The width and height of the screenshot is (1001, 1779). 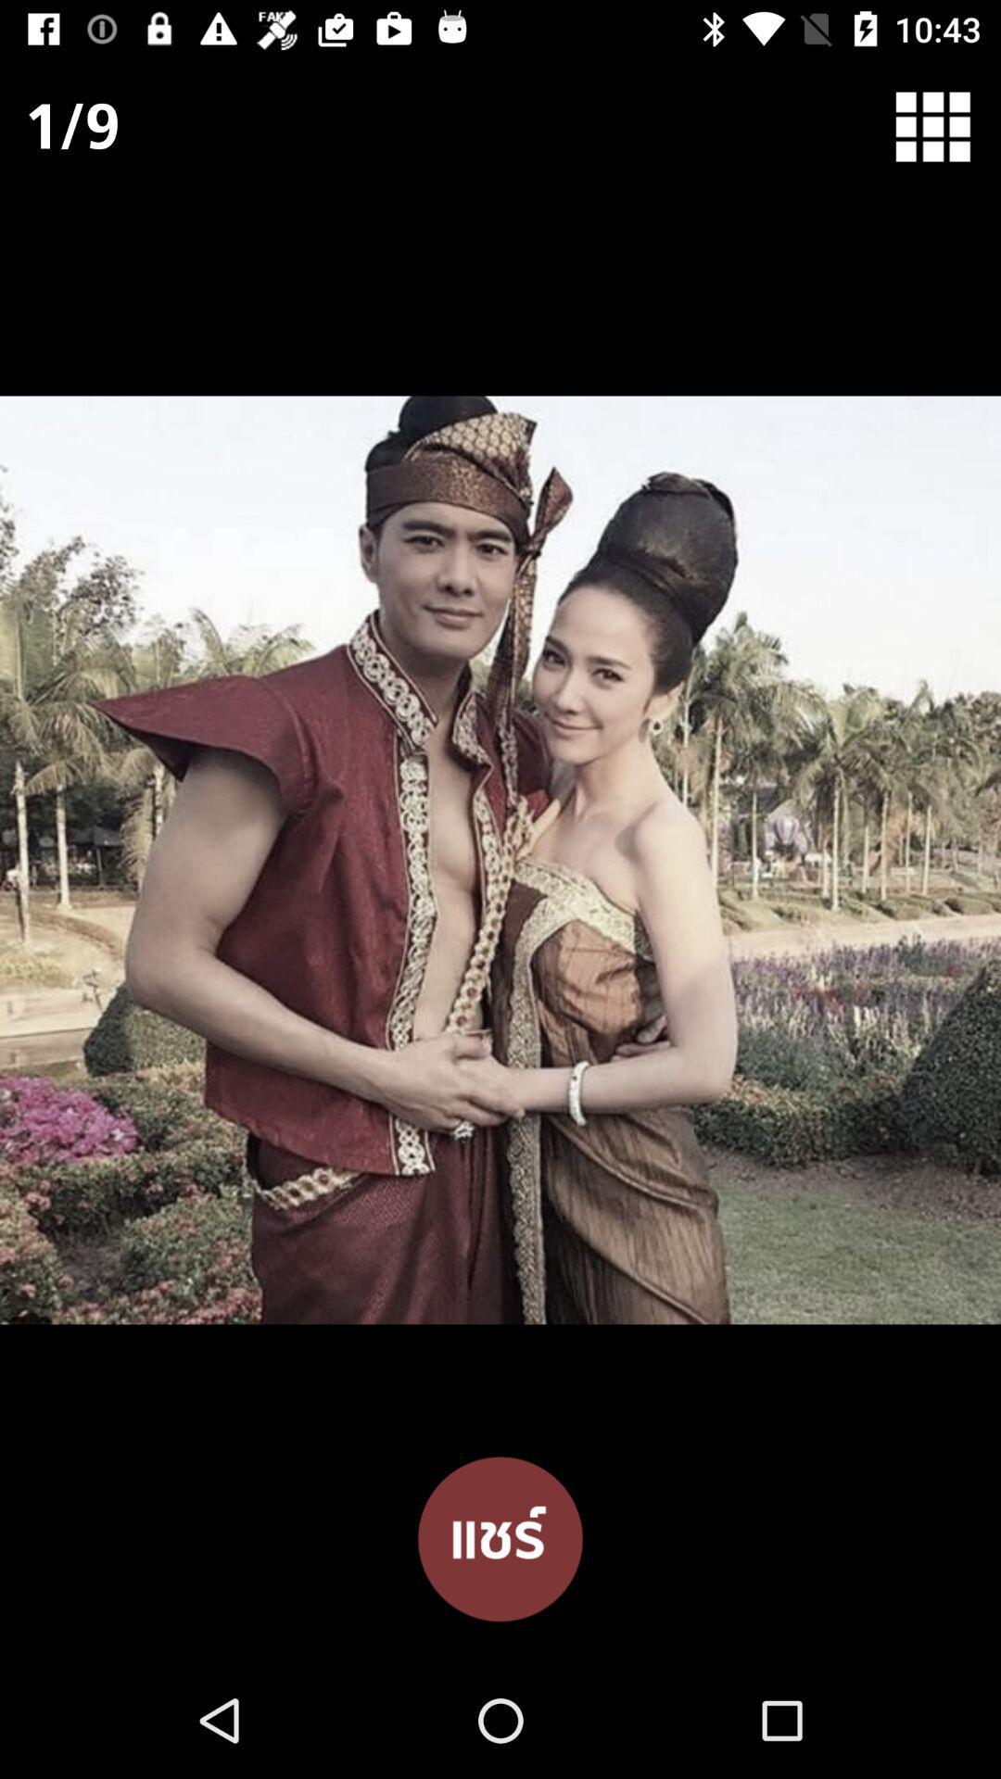 I want to click on click the square, so click(x=944, y=125).